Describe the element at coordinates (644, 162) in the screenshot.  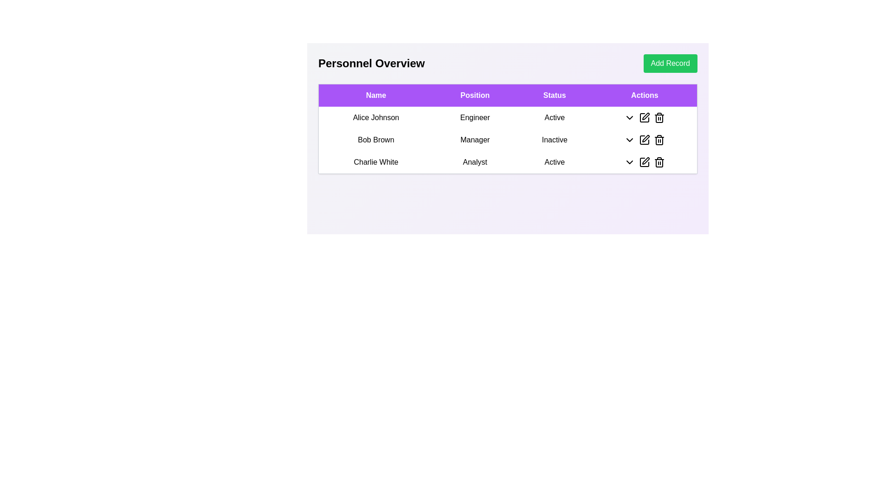
I see `the edit icon in the last row under the 'Actions' column for the personnel named 'Charlie White'` at that location.